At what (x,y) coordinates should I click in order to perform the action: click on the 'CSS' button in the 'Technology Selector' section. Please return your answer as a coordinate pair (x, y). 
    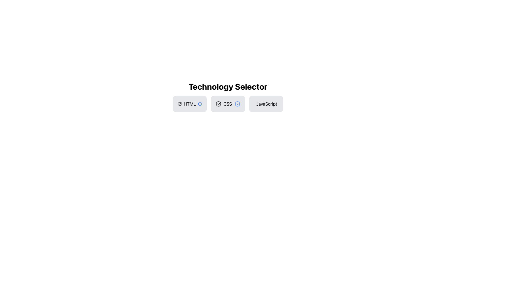
    Looking at the image, I should click on (228, 96).